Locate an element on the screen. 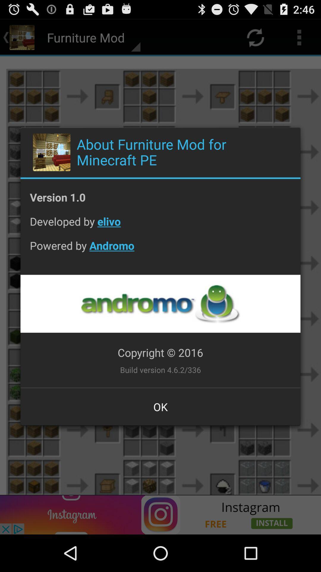 The height and width of the screenshot is (572, 321). andromo is located at coordinates (160, 304).